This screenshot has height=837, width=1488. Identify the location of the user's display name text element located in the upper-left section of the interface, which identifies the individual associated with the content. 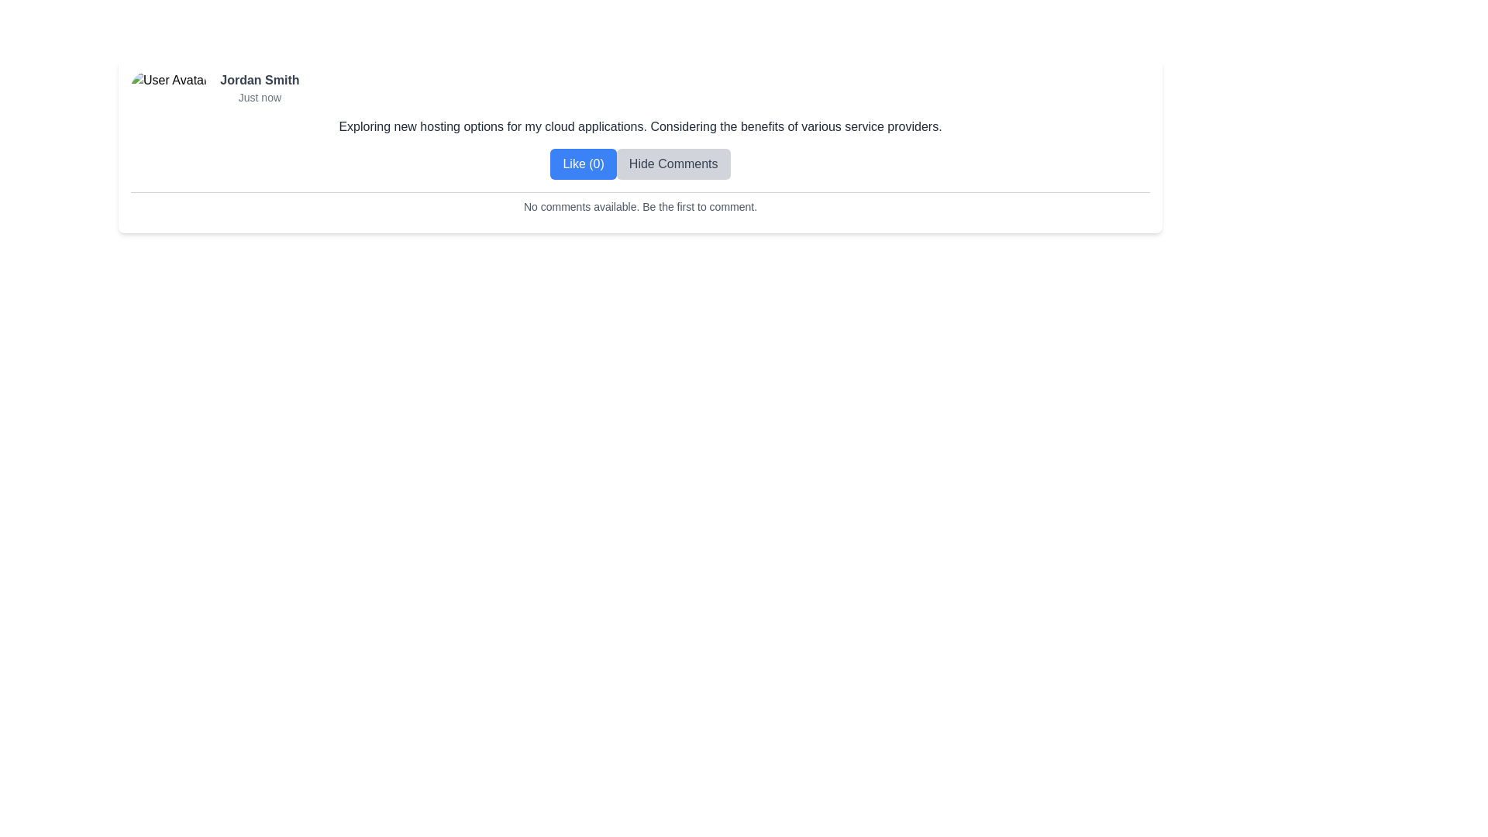
(260, 81).